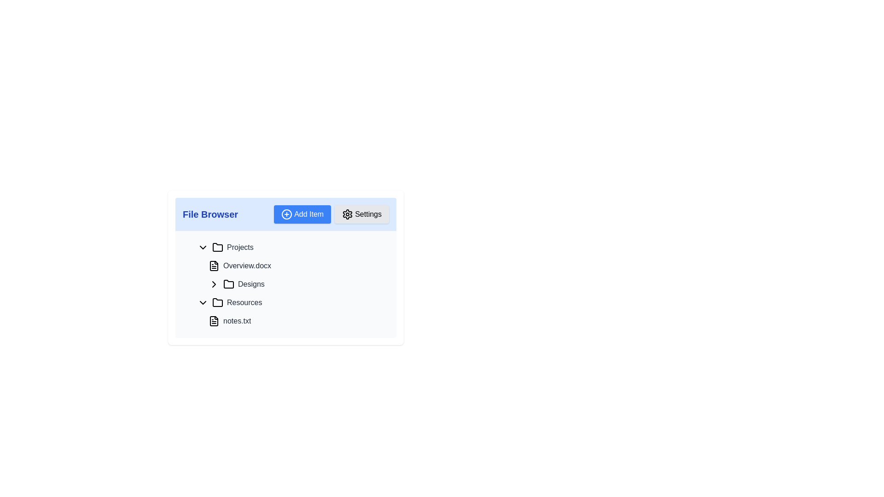 Image resolution: width=884 pixels, height=497 pixels. Describe the element at coordinates (347, 214) in the screenshot. I see `the Icon button located near the top-right of the settings section` at that location.